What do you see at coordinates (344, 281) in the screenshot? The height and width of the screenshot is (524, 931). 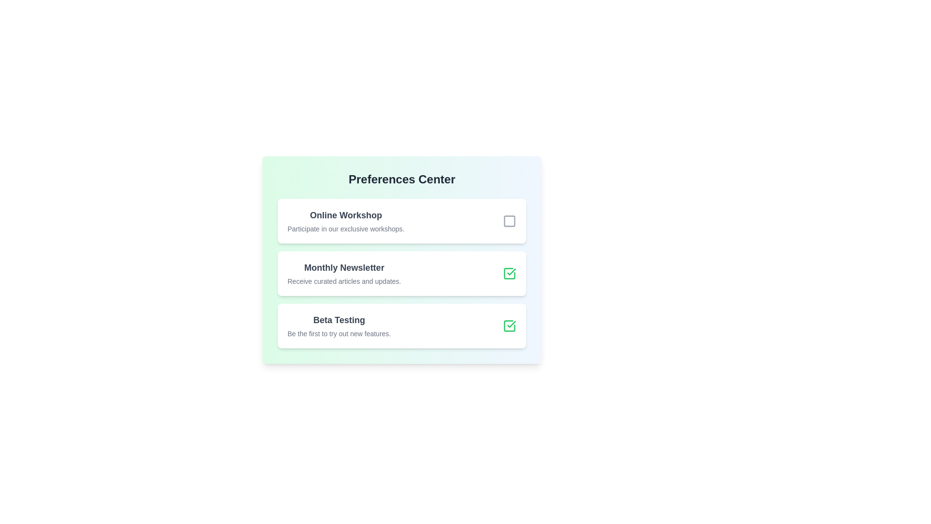 I see `the static text stating 'Receive curated articles and updates.' located below the heading 'Monthly Newsletter' in the Preferences Center` at bounding box center [344, 281].